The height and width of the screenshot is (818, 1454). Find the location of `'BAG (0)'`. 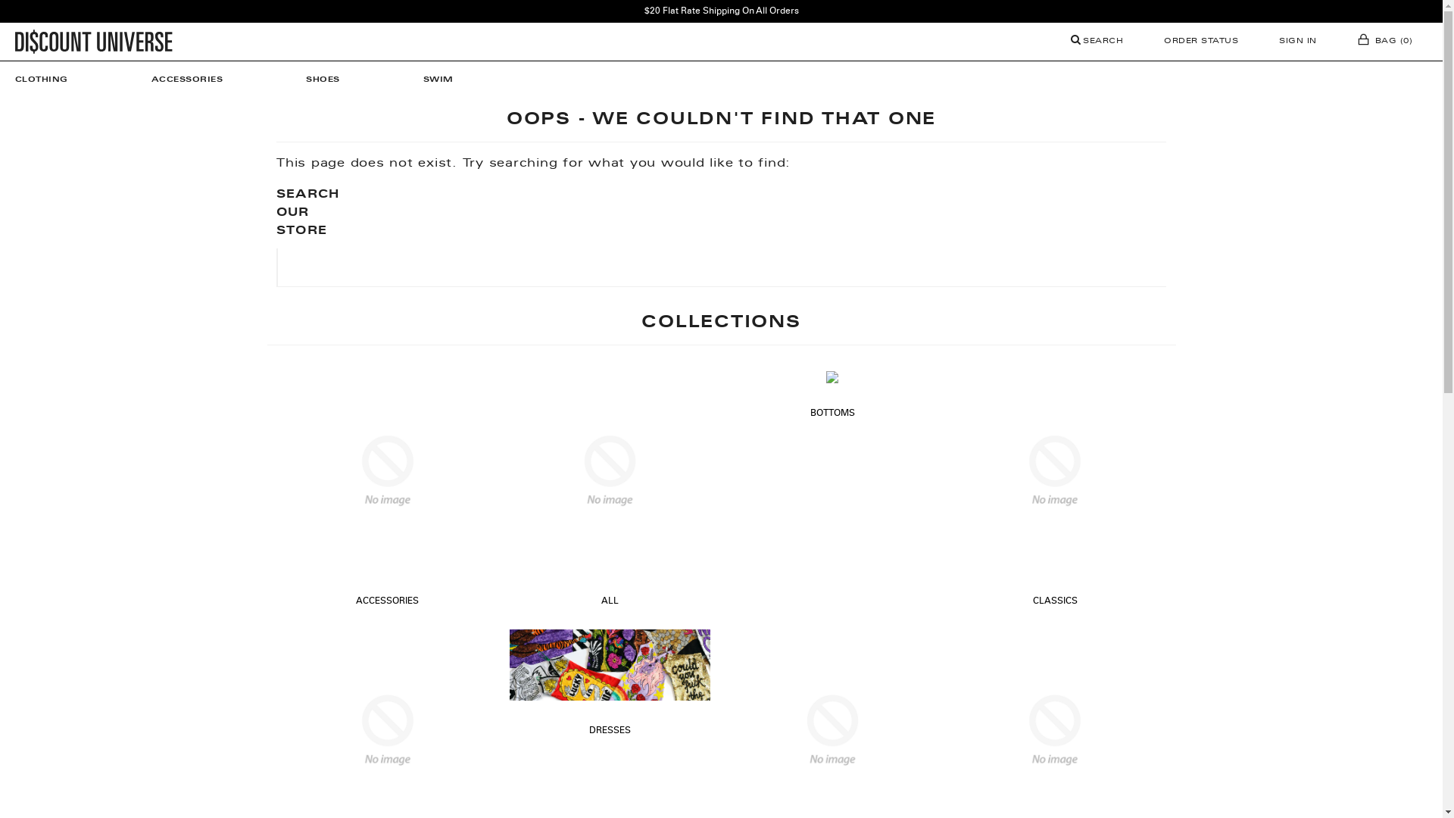

'BAG (0)' is located at coordinates (1384, 40).